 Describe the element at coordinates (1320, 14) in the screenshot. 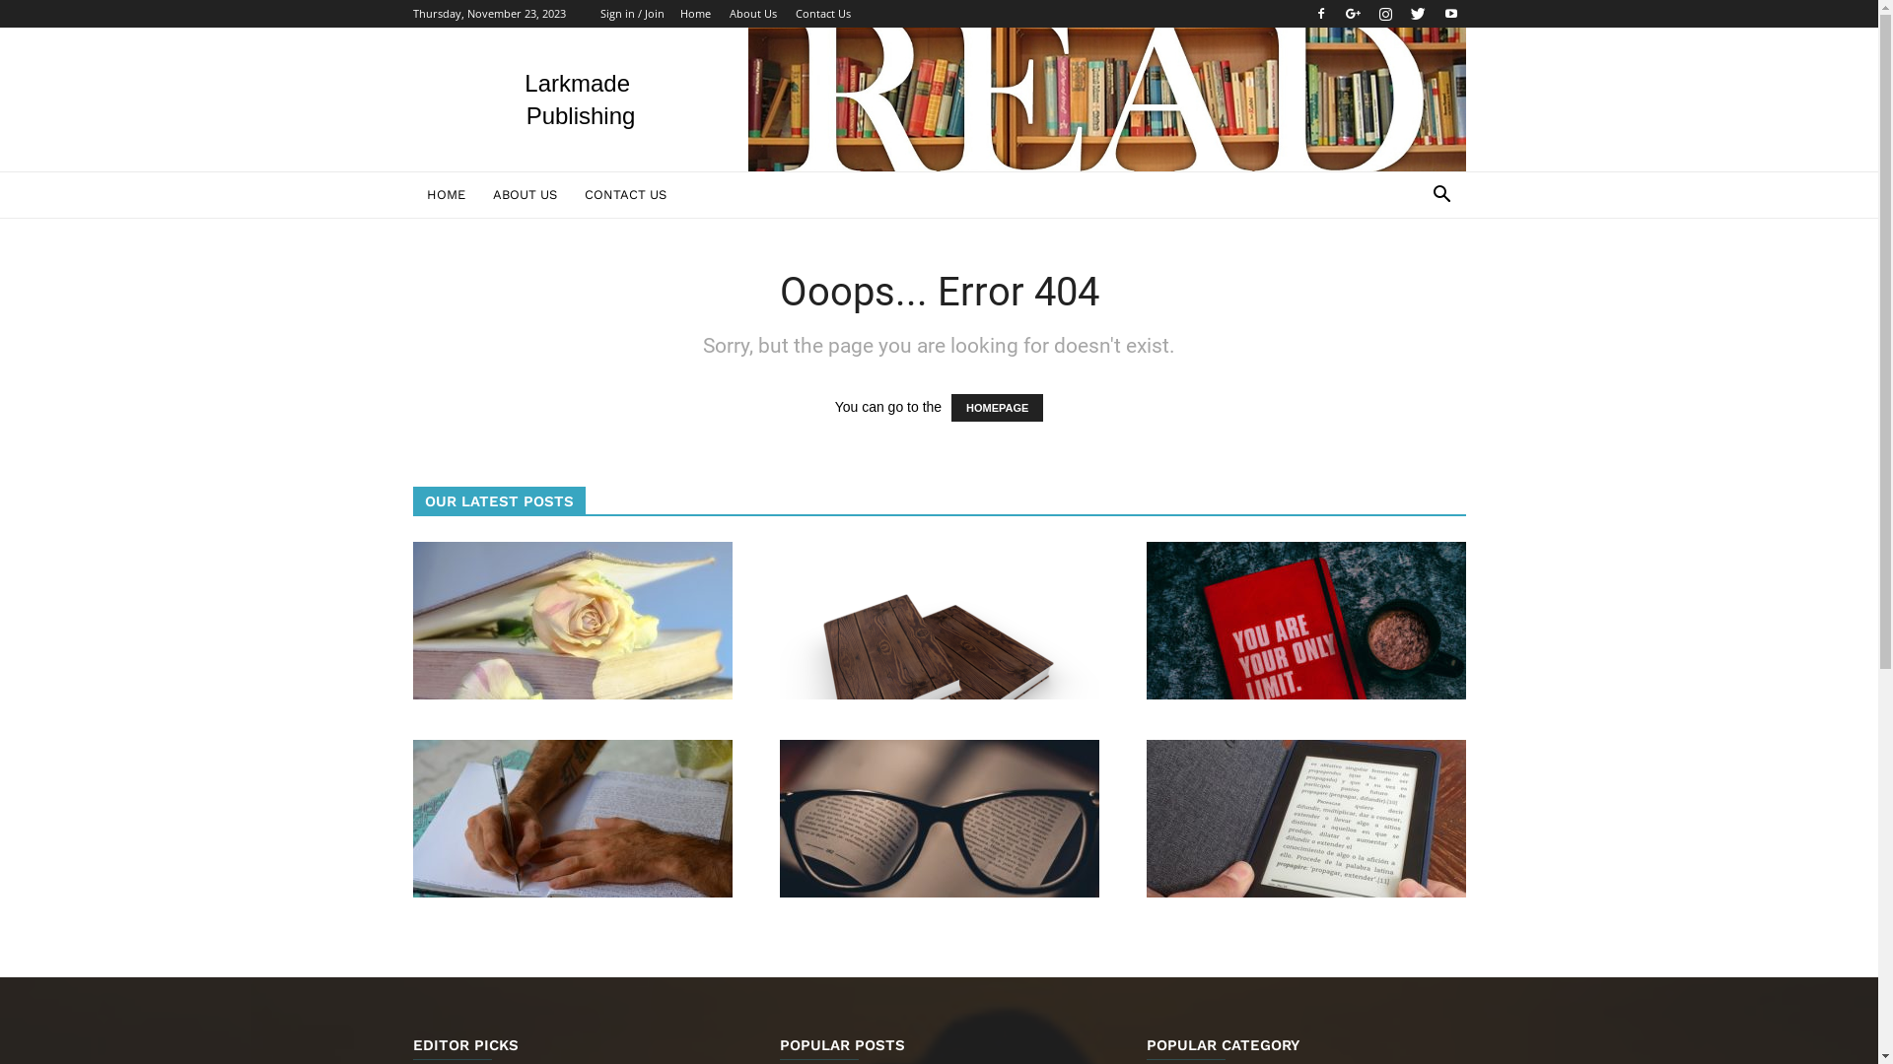

I see `'Facebook'` at that location.